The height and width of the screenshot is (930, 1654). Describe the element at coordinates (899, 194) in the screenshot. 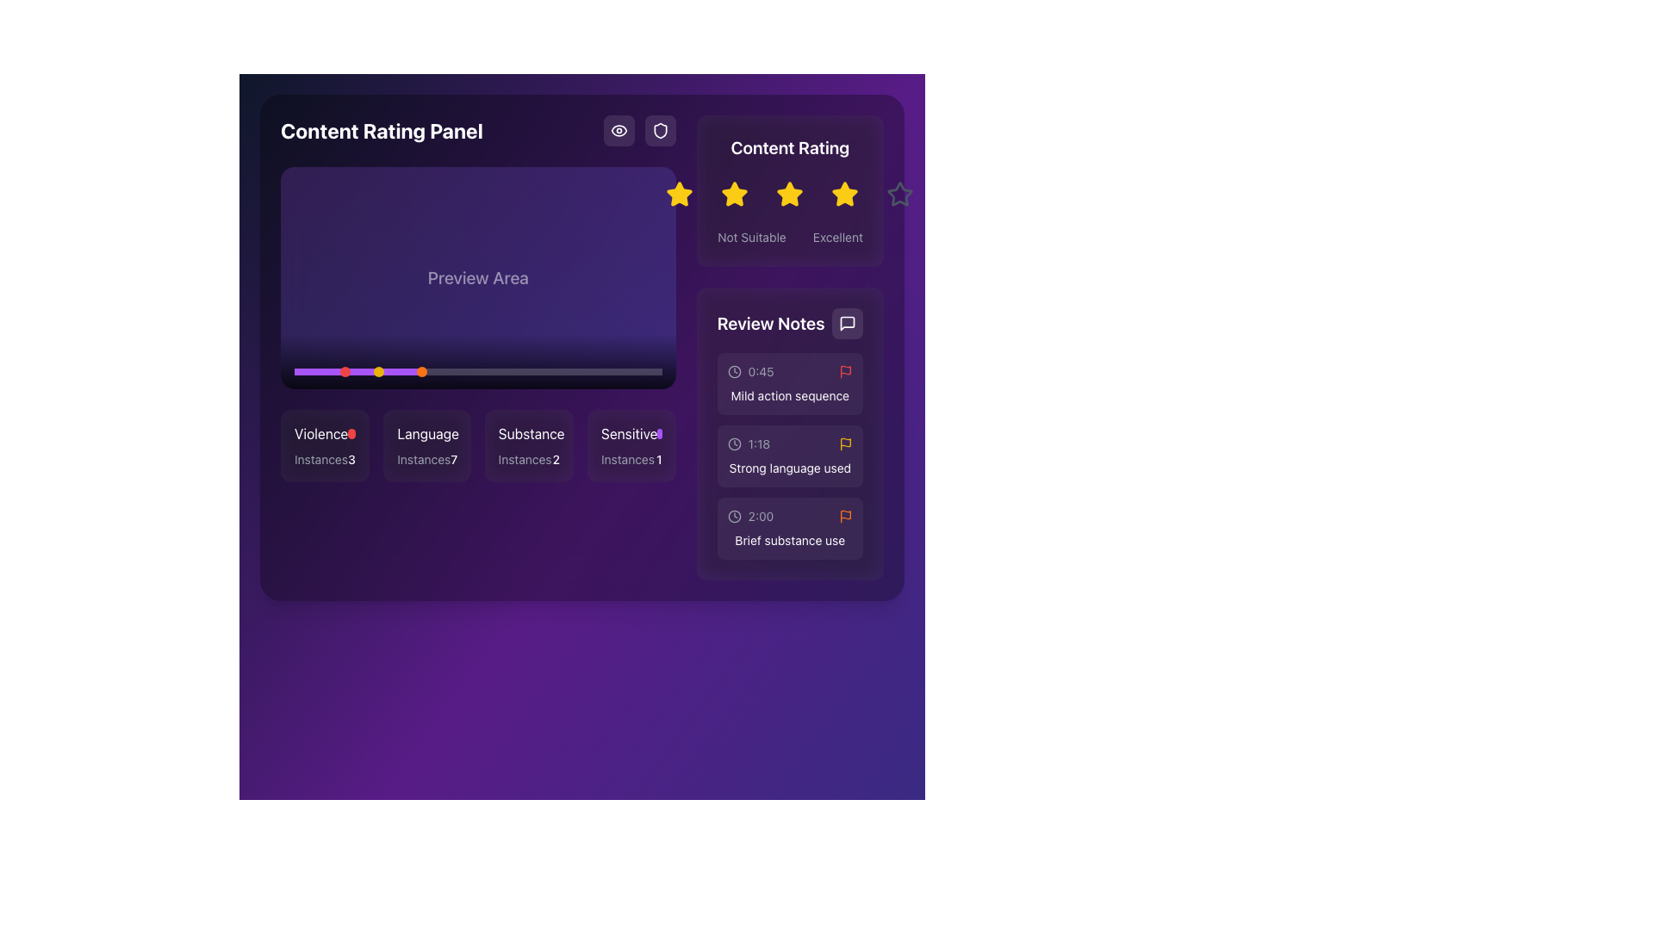

I see `the fifth star icon in the 'Content Rating' section, which serves as an interactive rating option` at that location.